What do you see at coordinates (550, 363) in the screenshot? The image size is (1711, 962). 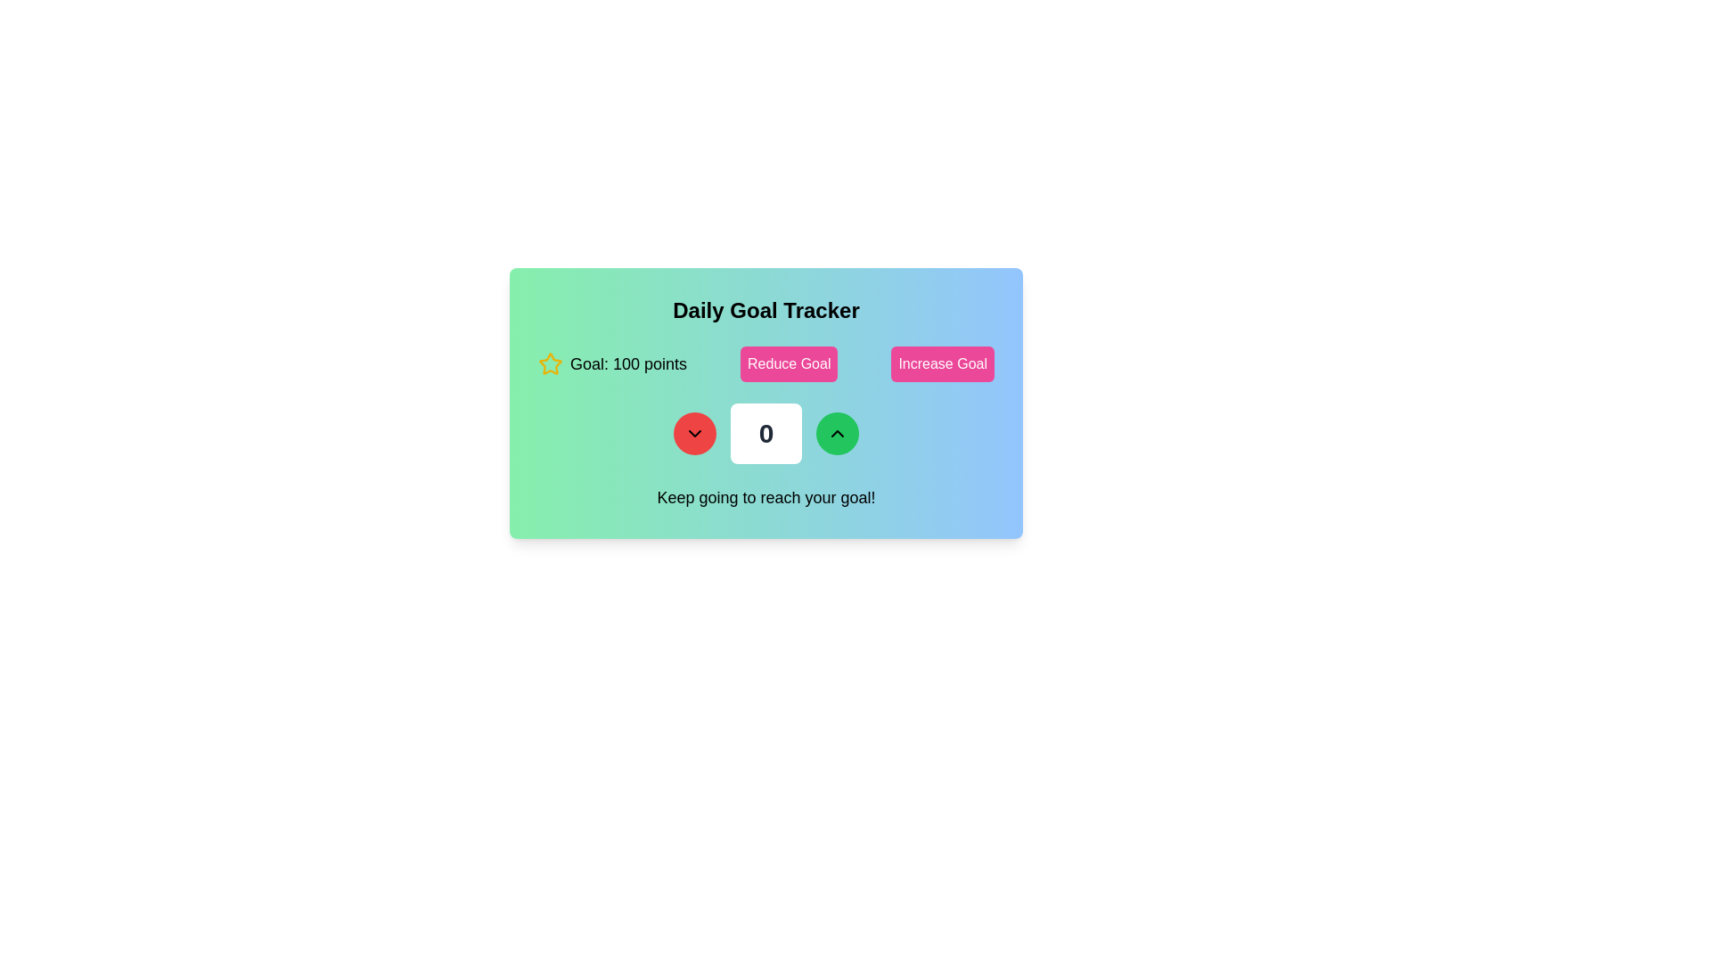 I see `the star-shaped icon with a yellow stroke, which is positioned to the left of the text 'Goal: 100 points'` at bounding box center [550, 363].